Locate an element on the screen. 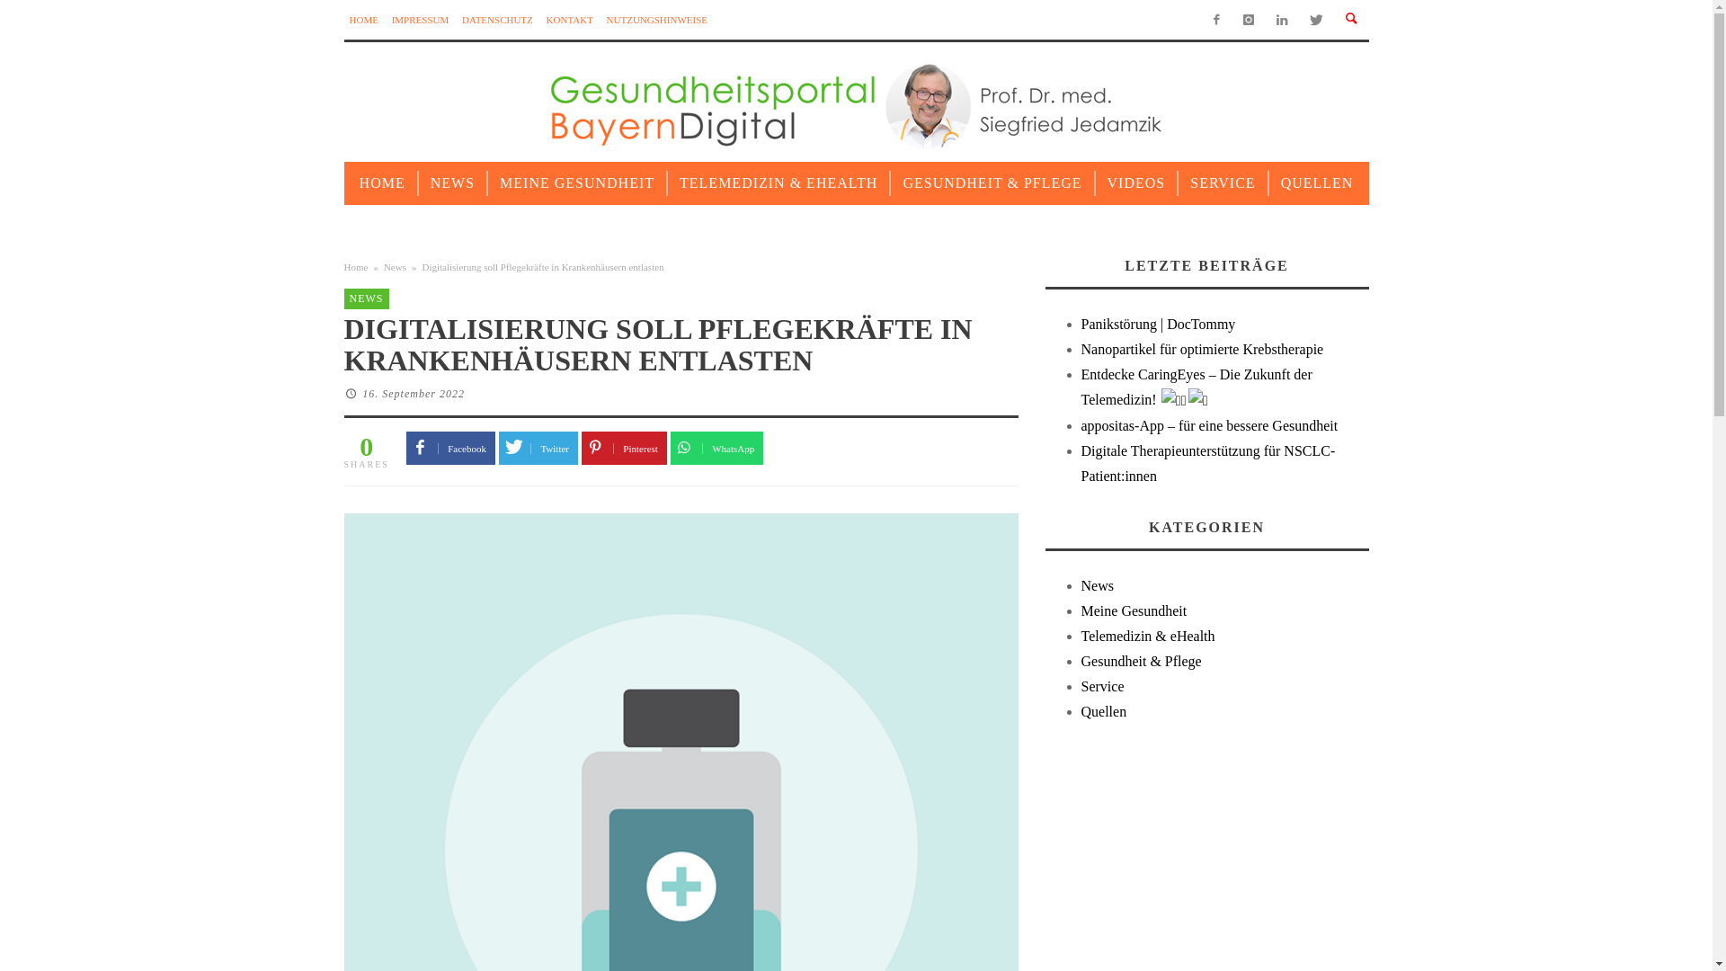 This screenshot has height=971, width=1726. 'MEINE GESUNDHEIT' is located at coordinates (577, 183).